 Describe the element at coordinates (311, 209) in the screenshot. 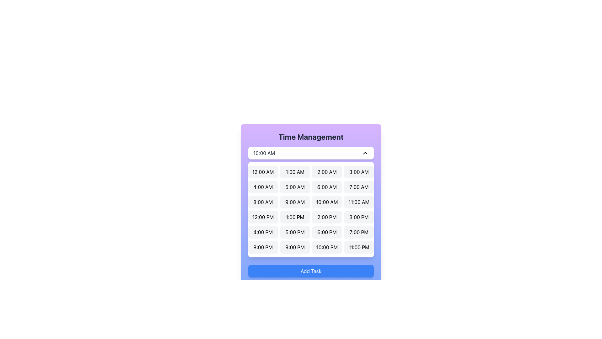

I see `an individual time slot in the Time Selector Grid located centrally within the purple-tinted modal, below the '10:00 AM' dropdown and above the blue 'Add Task' button` at that location.